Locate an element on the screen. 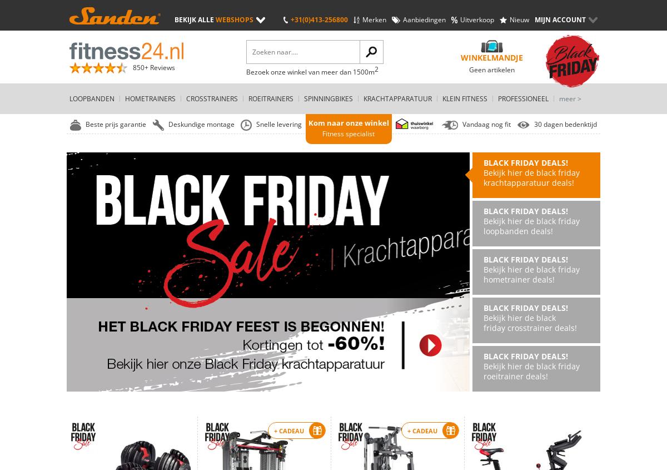 The width and height of the screenshot is (667, 470). 'Snelle levering' is located at coordinates (256, 123).